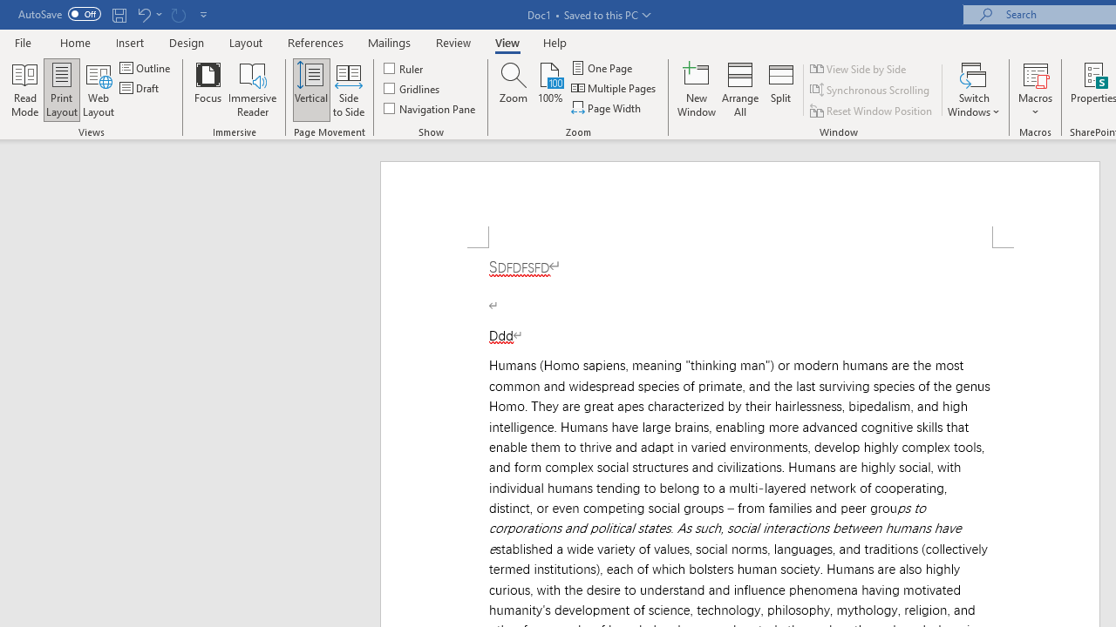 The image size is (1116, 627). What do you see at coordinates (389, 42) in the screenshot?
I see `'Mailings'` at bounding box center [389, 42].